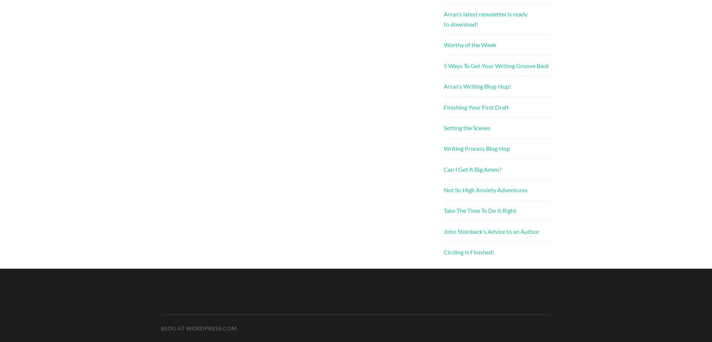 The image size is (712, 342). What do you see at coordinates (485, 18) in the screenshot?
I see `'Arran’s latest newsletter is ready to download!'` at bounding box center [485, 18].